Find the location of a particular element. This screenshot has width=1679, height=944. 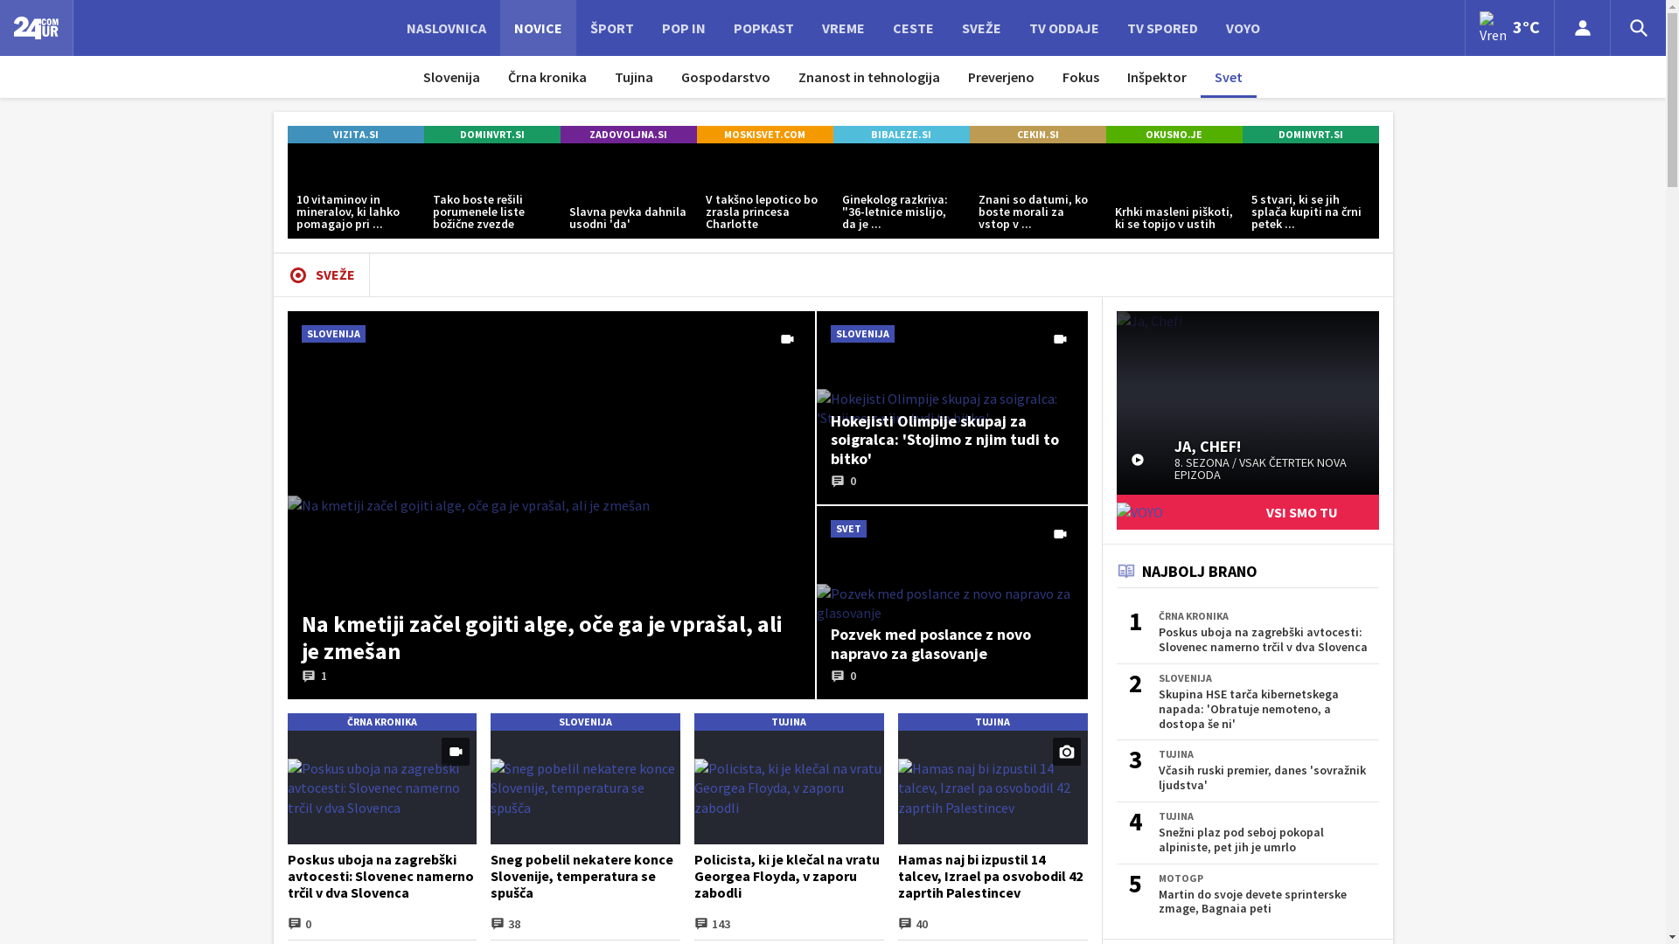

'CESTE' is located at coordinates (911, 27).